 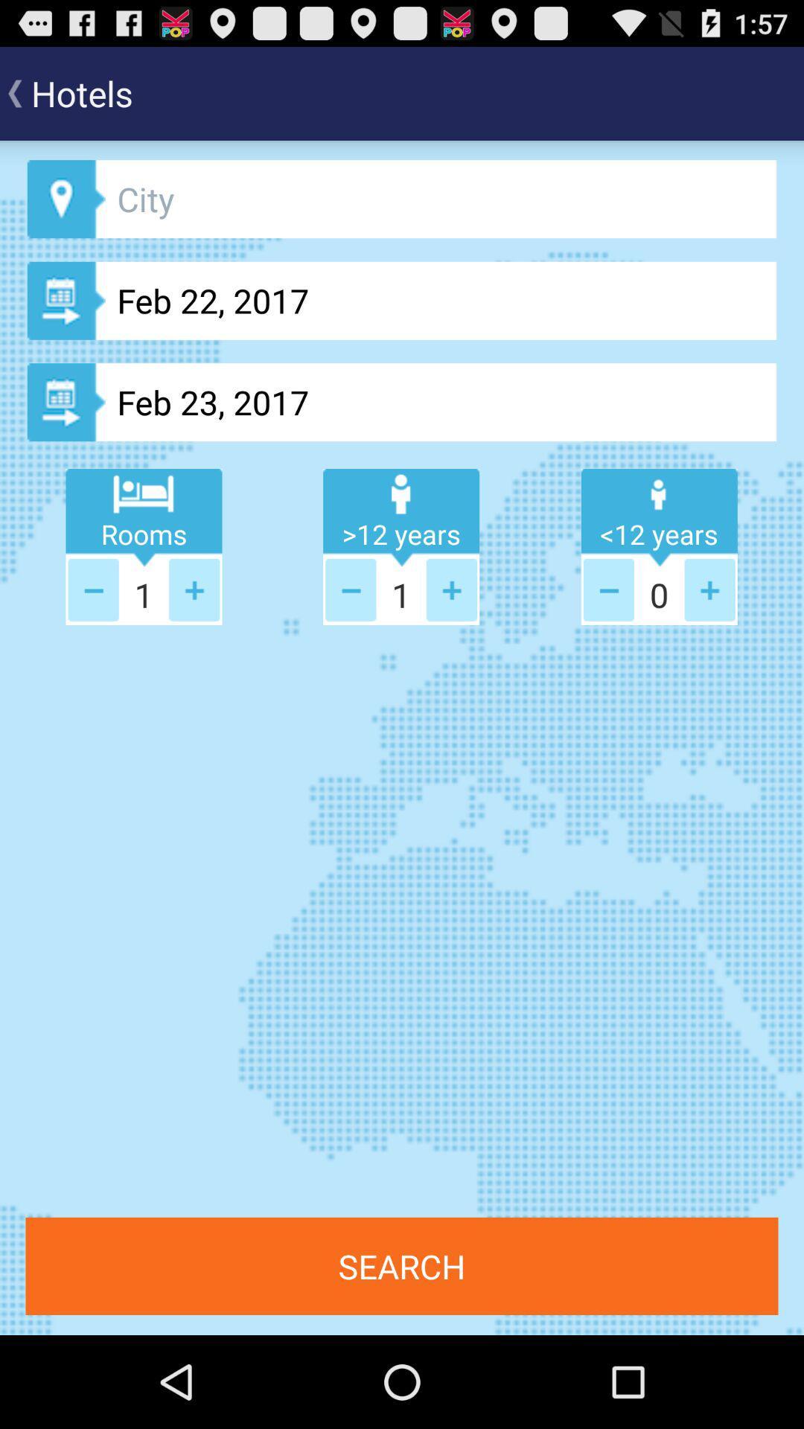 I want to click on the minus icon, so click(x=351, y=631).